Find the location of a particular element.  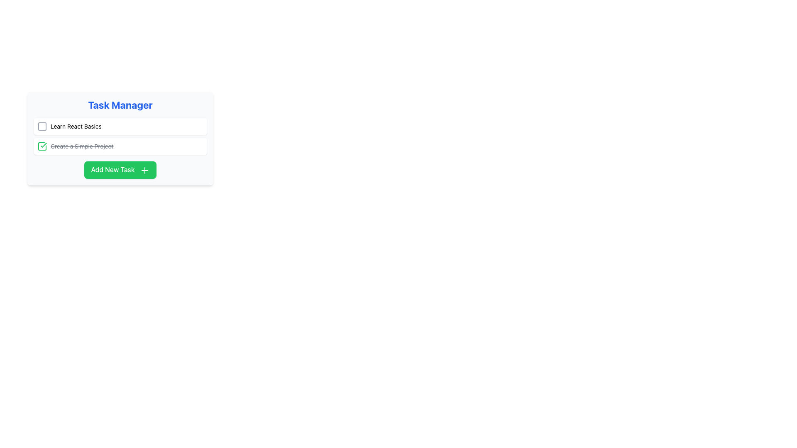

the green checkmark icon indicating the confirmed status of the task 'Create a Simple Project' in the task list interface is located at coordinates (43, 145).